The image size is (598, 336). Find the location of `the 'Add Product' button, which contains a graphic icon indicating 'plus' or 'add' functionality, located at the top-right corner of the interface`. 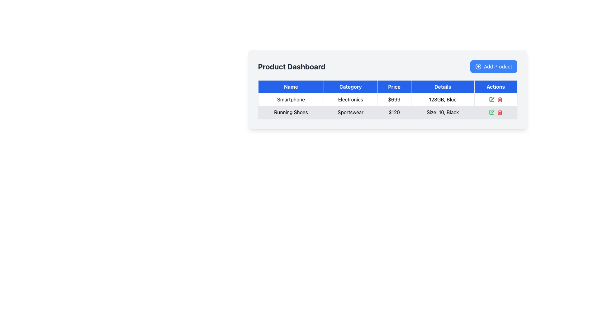

the 'Add Product' button, which contains a graphic icon indicating 'plus' or 'add' functionality, located at the top-right corner of the interface is located at coordinates (478, 66).